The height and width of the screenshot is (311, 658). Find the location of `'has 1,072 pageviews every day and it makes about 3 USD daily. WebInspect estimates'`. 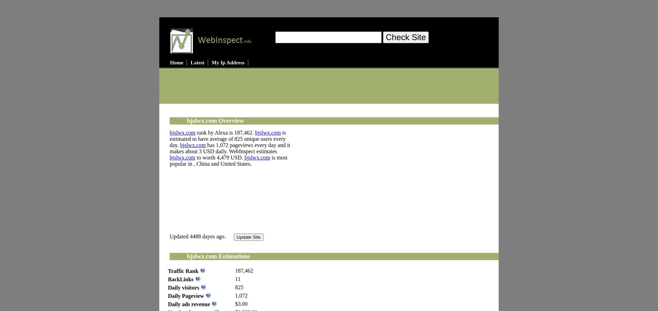

'has 1,072 pageviews every day and it makes about 3 USD daily. WebInspect estimates' is located at coordinates (230, 147).